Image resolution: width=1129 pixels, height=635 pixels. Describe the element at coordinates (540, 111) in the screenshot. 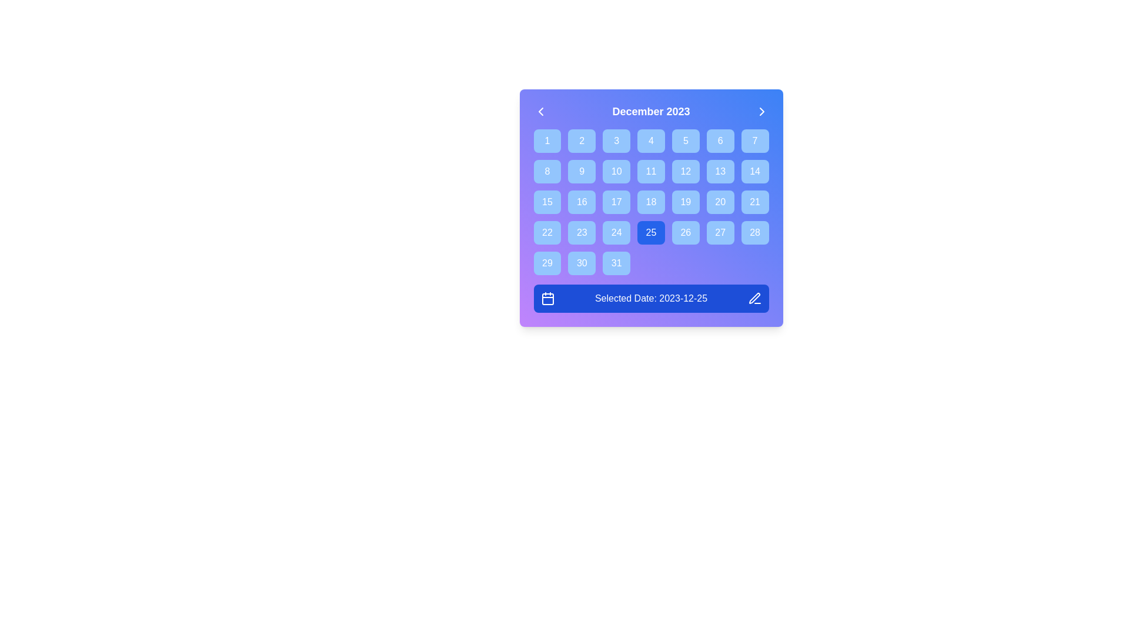

I see `the left navigation button` at that location.